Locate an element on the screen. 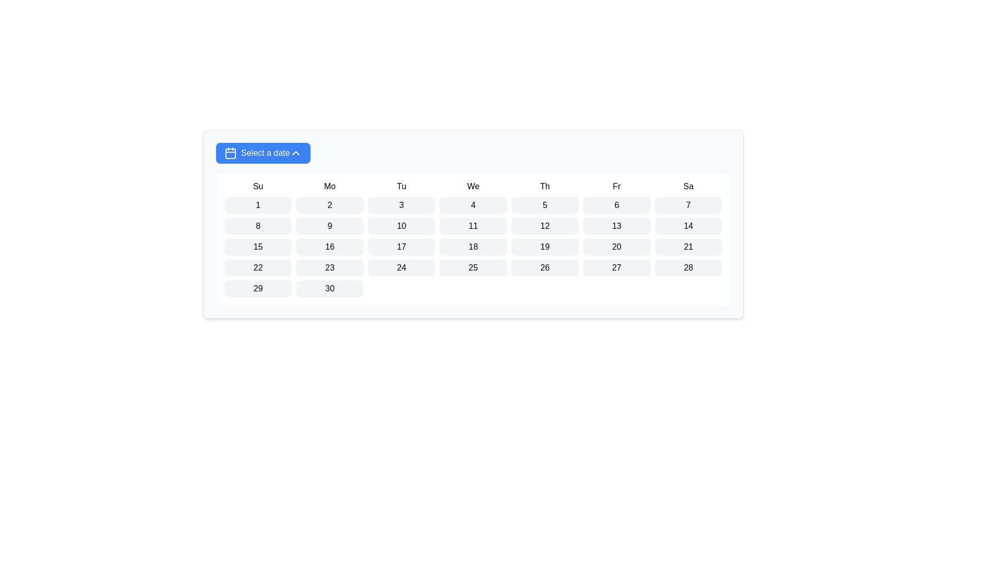 This screenshot has width=1002, height=563. the button displaying the number '11' located in the third row and fourth column of the calendar grid is located at coordinates (473, 226).